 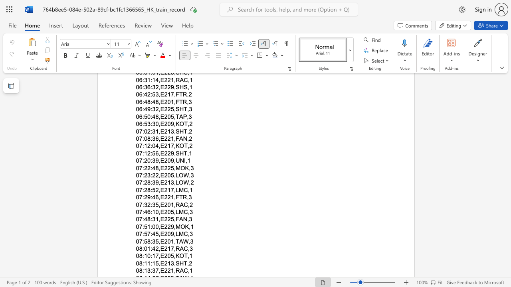 What do you see at coordinates (167, 219) in the screenshot?
I see `the space between the continuous character "2" and "2" in the text` at bounding box center [167, 219].